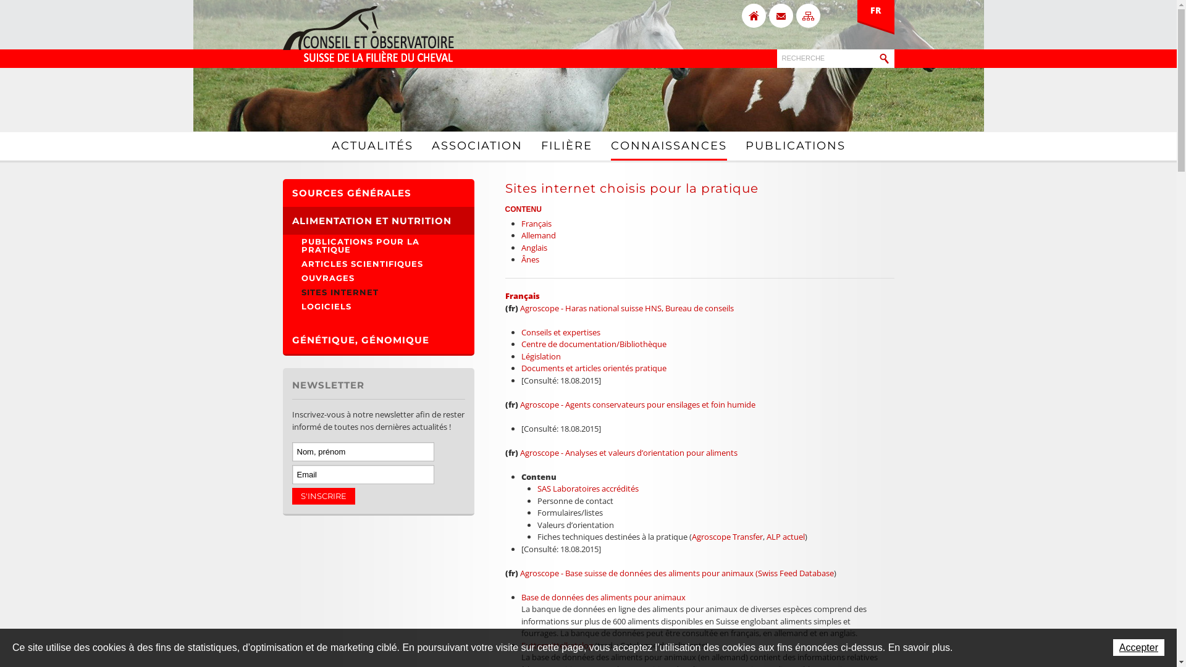  Describe the element at coordinates (378, 278) in the screenshot. I see `'OUVRAGES'` at that location.